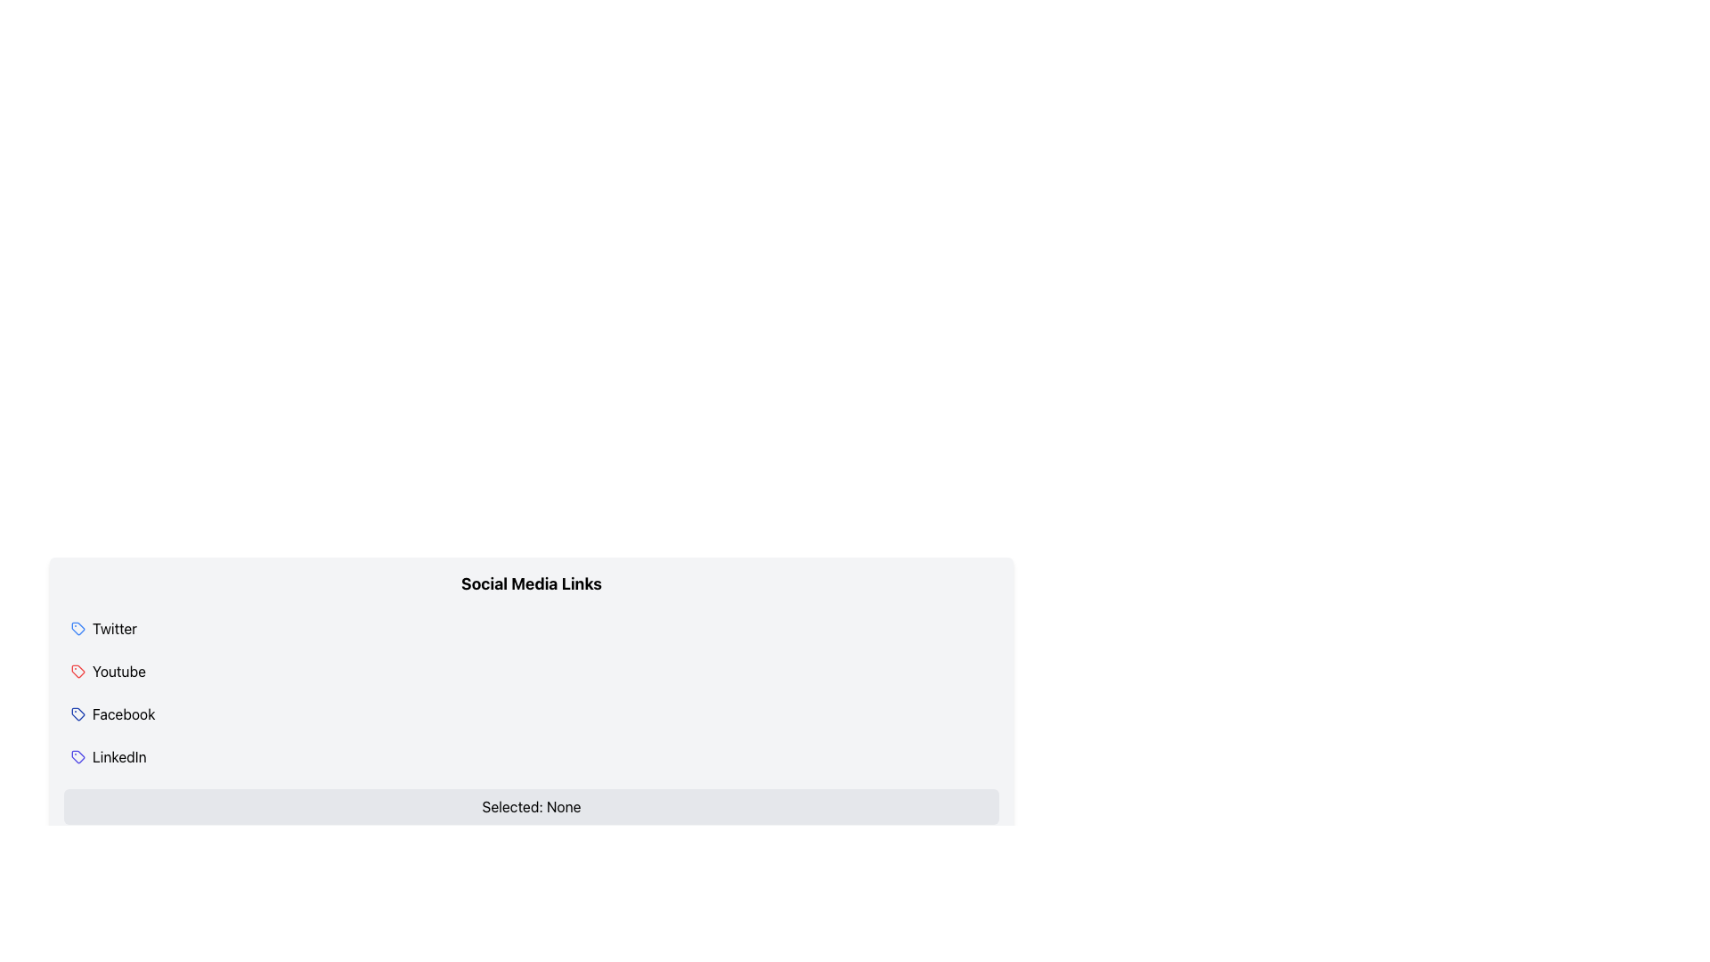 This screenshot has width=1710, height=962. What do you see at coordinates (123, 713) in the screenshot?
I see `the text label displaying 'Facebook', which is the third entry in the list of social media links under the heading 'Social Media Links'` at bounding box center [123, 713].